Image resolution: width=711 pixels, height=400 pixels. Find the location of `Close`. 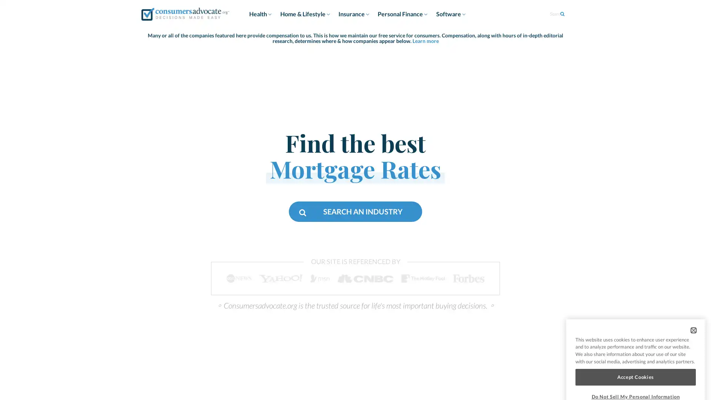

Close is located at coordinates (693, 304).